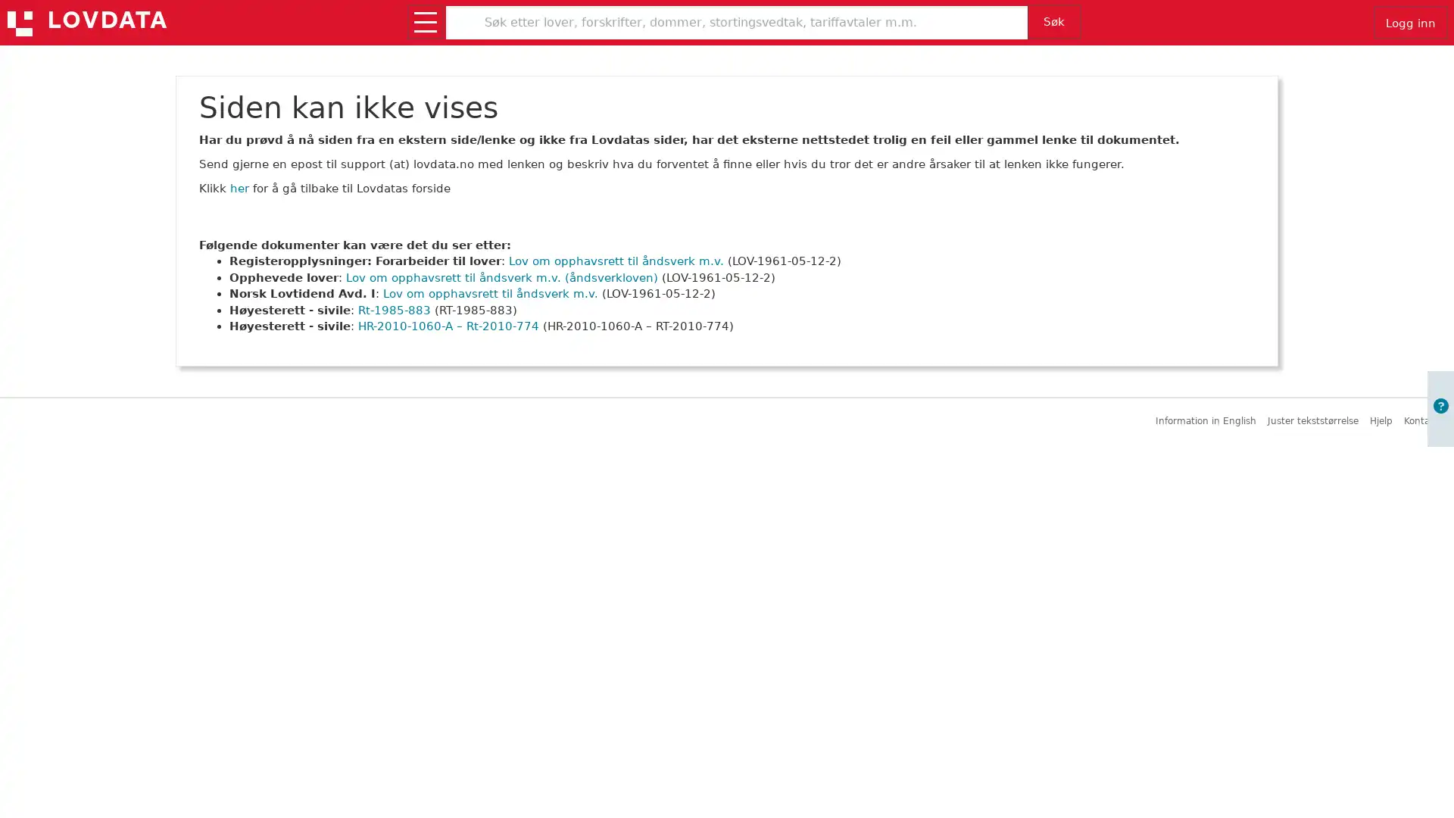 This screenshot has width=1454, height=818. I want to click on Sk, so click(1053, 22).